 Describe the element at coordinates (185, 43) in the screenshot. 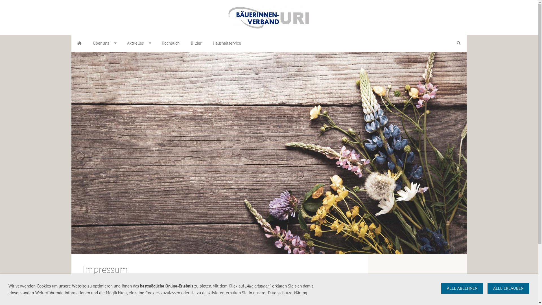

I see `'Bilder'` at that location.